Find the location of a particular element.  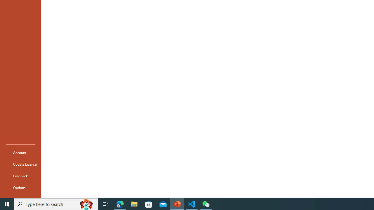

'Options' is located at coordinates (21, 187).